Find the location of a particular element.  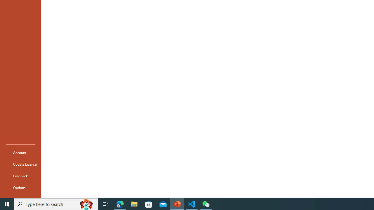

'Options' is located at coordinates (21, 187).